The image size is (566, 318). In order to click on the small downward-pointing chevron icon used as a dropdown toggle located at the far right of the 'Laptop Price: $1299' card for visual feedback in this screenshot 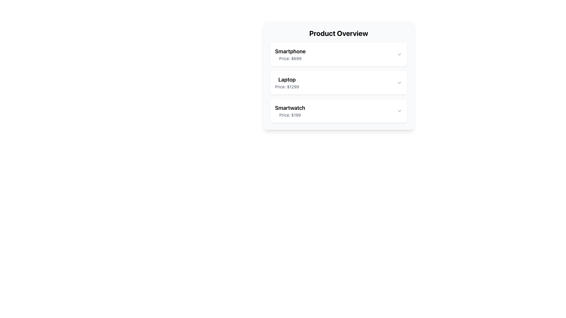, I will do `click(399, 83)`.